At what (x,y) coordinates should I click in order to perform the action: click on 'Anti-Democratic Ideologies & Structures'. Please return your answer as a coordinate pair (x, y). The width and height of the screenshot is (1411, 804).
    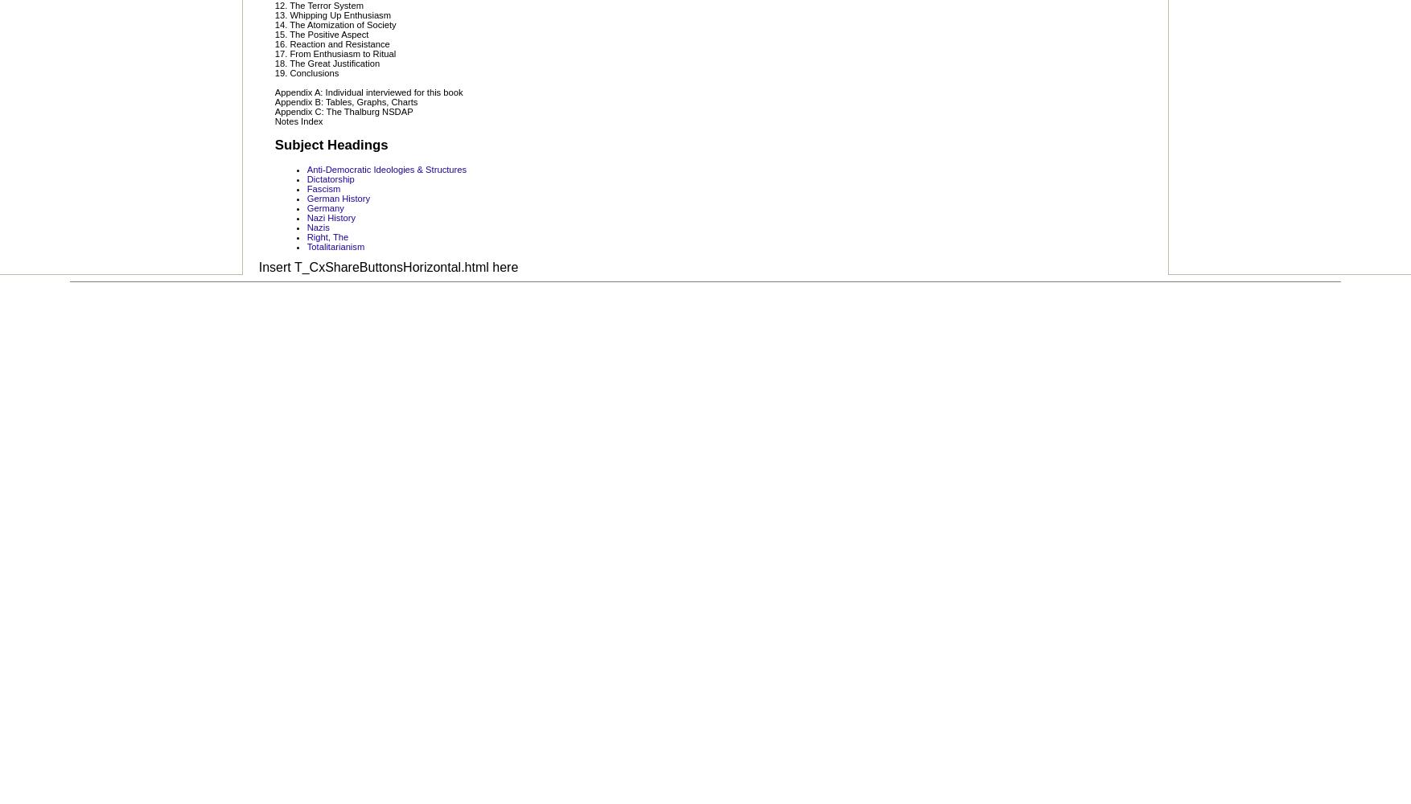
    Looking at the image, I should click on (385, 168).